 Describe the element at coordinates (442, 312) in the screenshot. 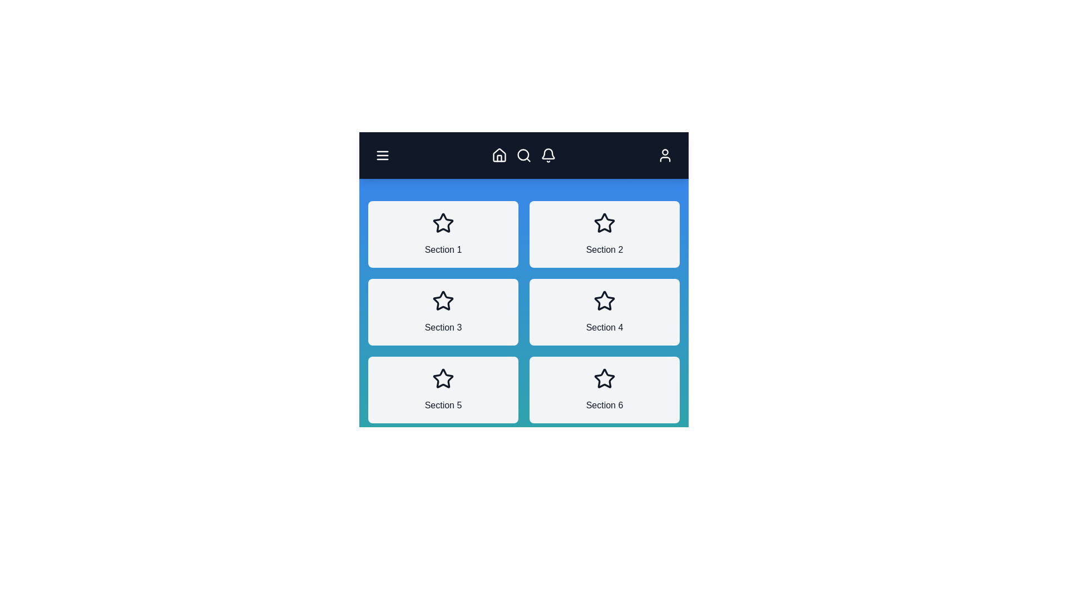

I see `the section labeled Section 3 to view its details` at that location.